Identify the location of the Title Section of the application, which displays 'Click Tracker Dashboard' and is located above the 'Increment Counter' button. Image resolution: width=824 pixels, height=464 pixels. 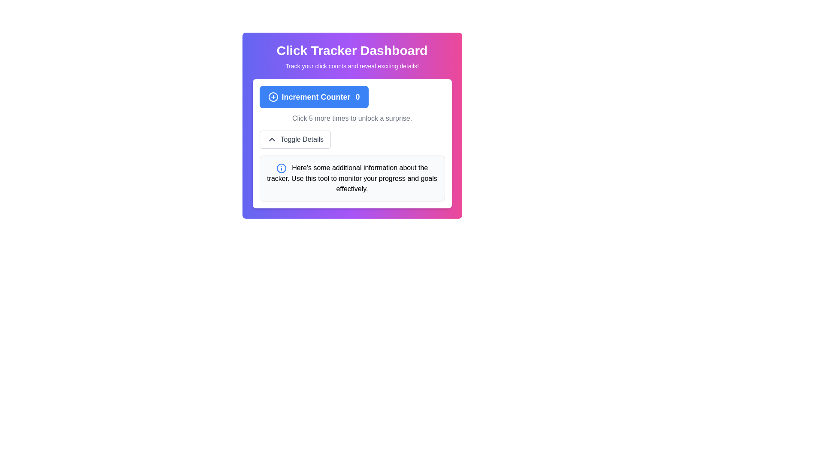
(352, 56).